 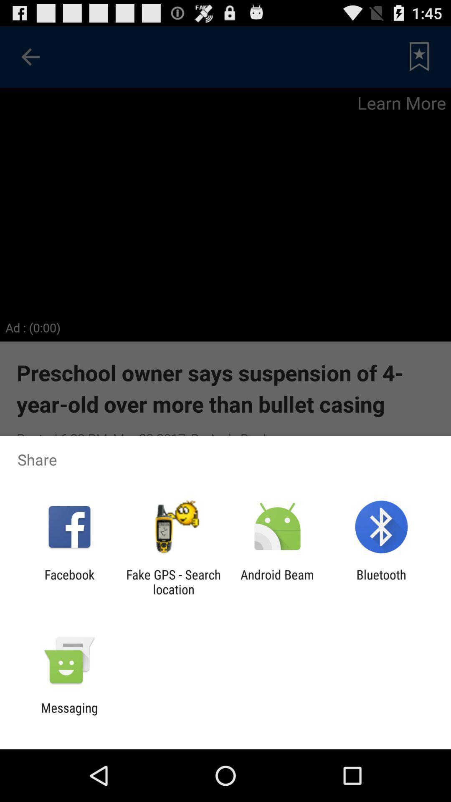 I want to click on item to the right of facebook app, so click(x=173, y=581).